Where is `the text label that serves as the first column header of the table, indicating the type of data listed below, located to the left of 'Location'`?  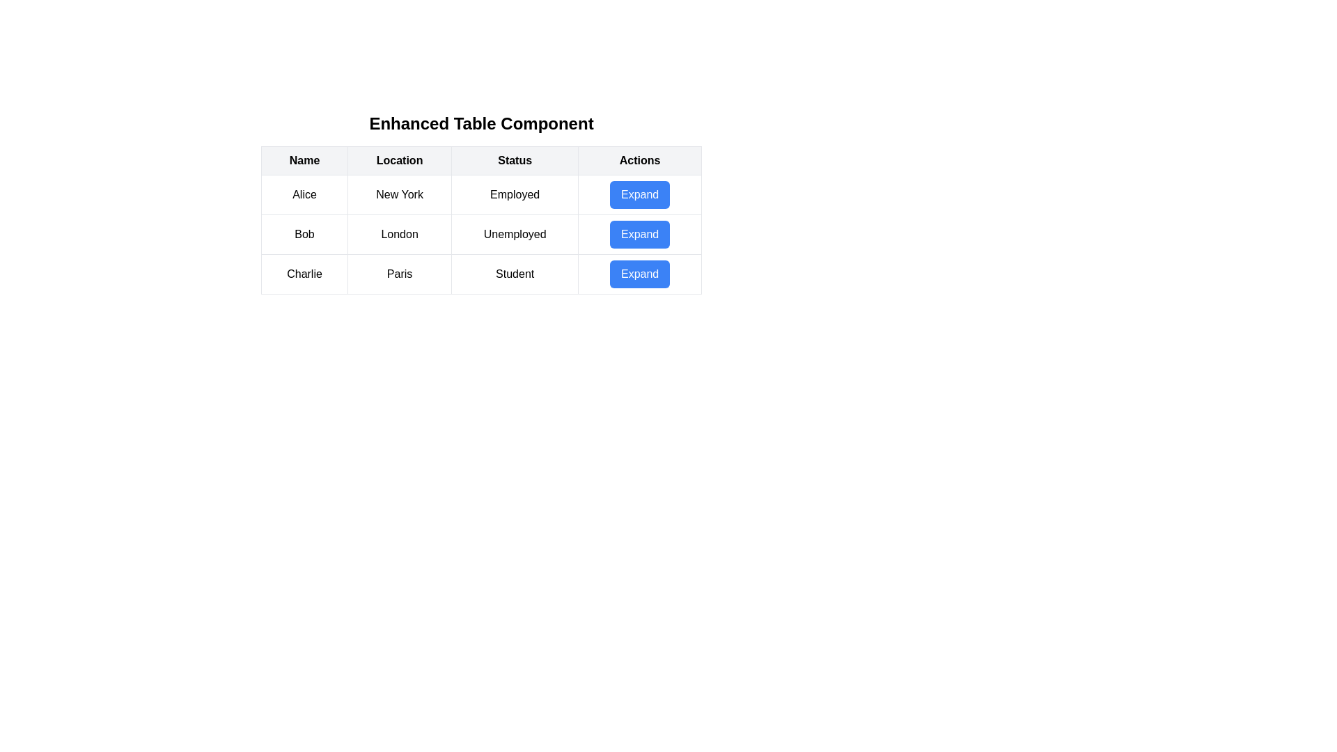
the text label that serves as the first column header of the table, indicating the type of data listed below, located to the left of 'Location' is located at coordinates (304, 160).